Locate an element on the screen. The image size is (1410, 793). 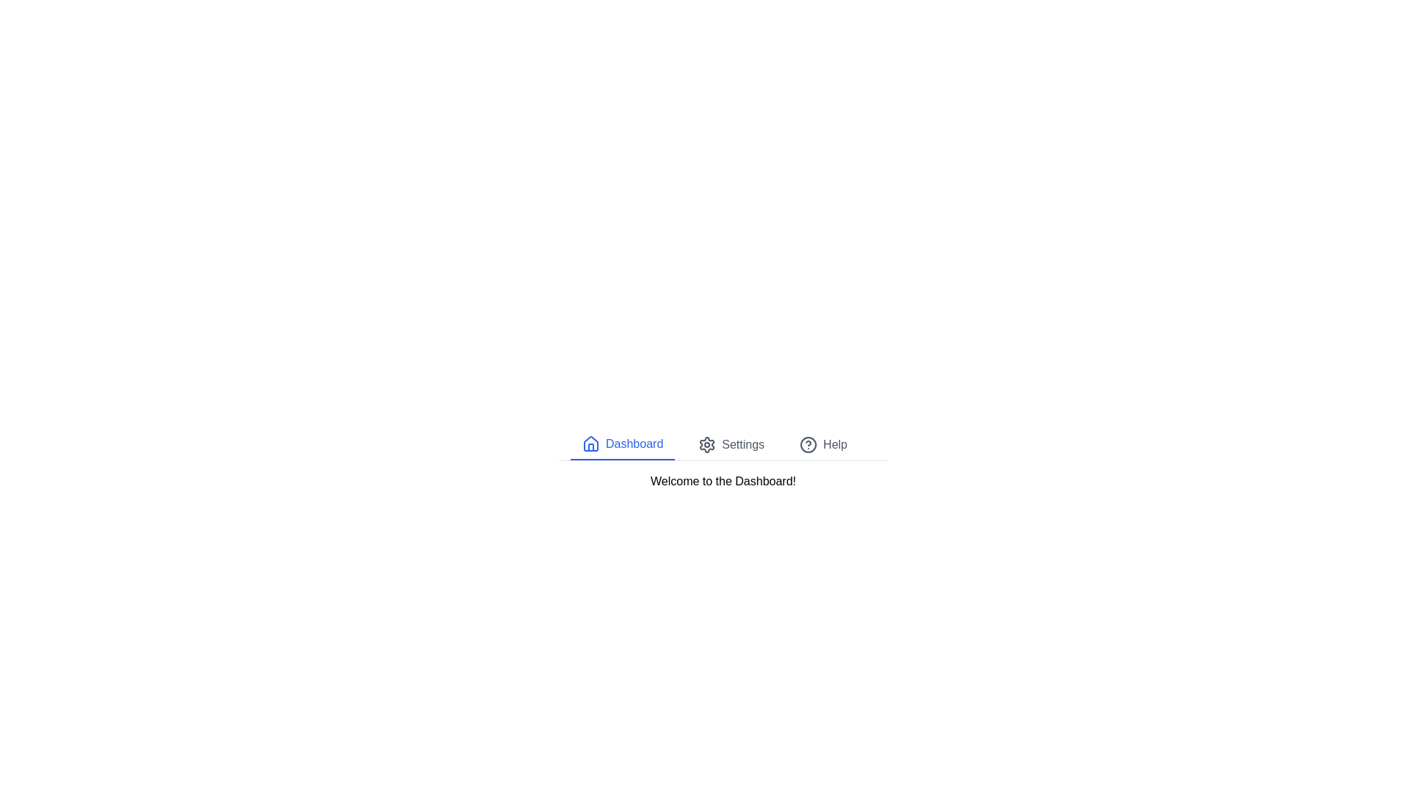
the Help tab to switch the displayed content is located at coordinates (824, 443).